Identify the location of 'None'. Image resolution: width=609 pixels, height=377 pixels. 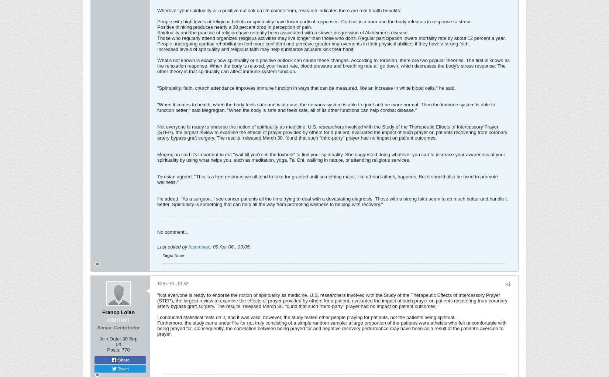
(178, 255).